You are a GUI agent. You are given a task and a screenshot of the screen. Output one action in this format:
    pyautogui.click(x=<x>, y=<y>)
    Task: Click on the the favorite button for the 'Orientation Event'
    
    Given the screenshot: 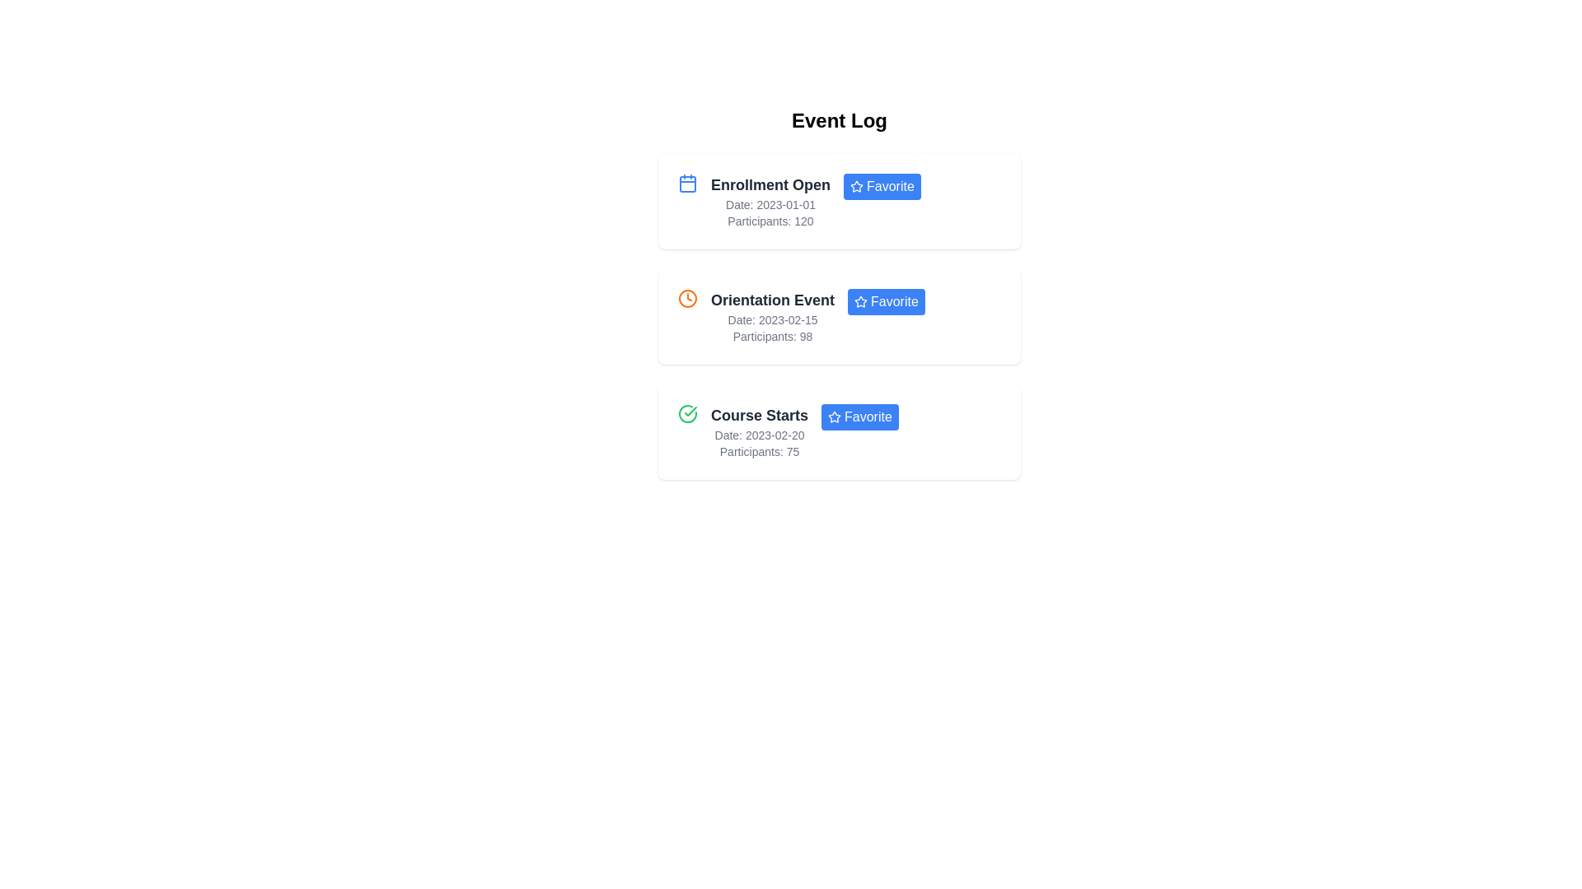 What is the action you would take?
    pyautogui.click(x=885, y=301)
    